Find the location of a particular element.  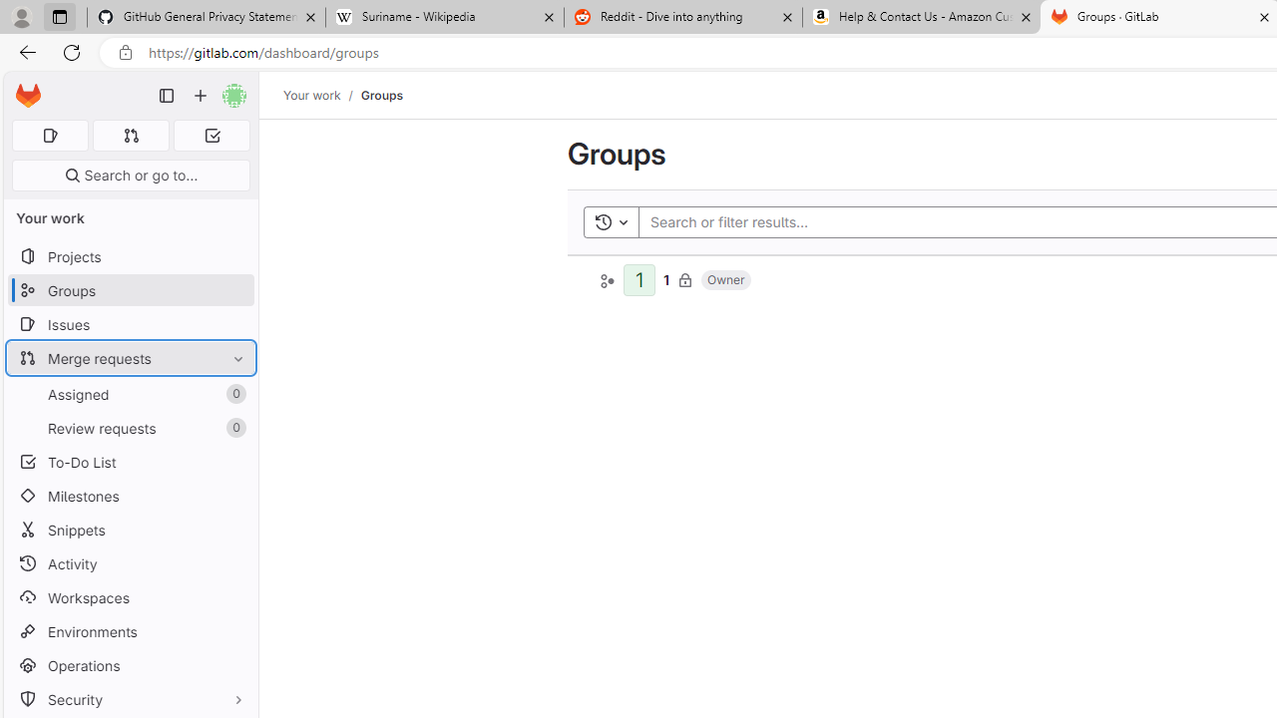

'Milestones' is located at coordinates (130, 495).